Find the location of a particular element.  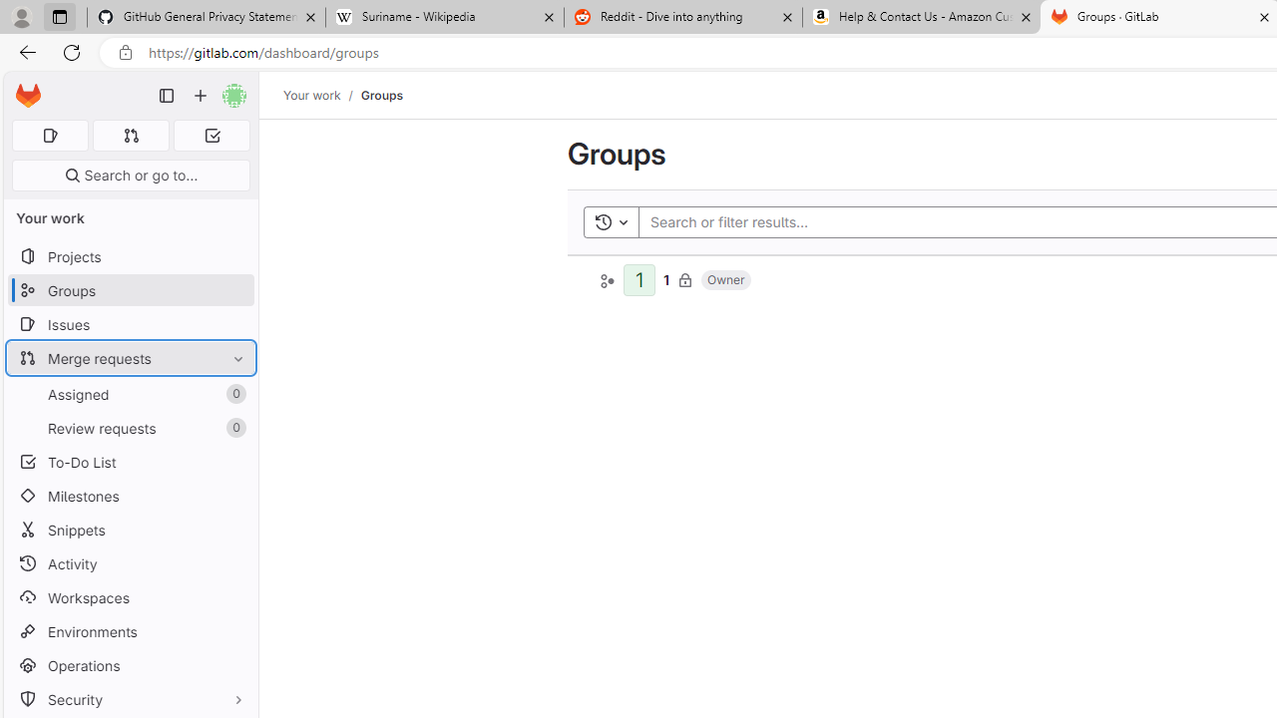

'Milestones' is located at coordinates (130, 495).